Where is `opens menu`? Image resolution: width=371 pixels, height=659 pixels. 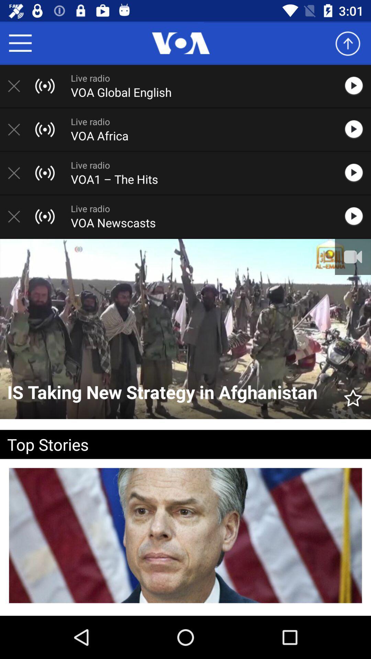
opens menu is located at coordinates (20, 43).